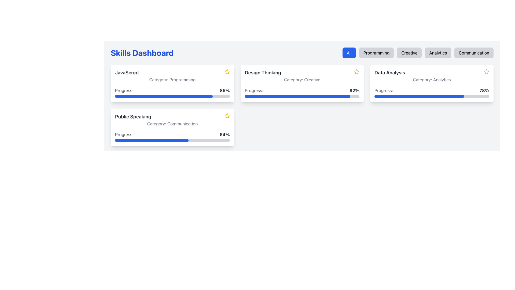  I want to click on the Progress Bar located at the bottom section of the 'Design Thinking' card under the 'Category: Creative' heading in the second column of the main dashboard grid, so click(302, 92).